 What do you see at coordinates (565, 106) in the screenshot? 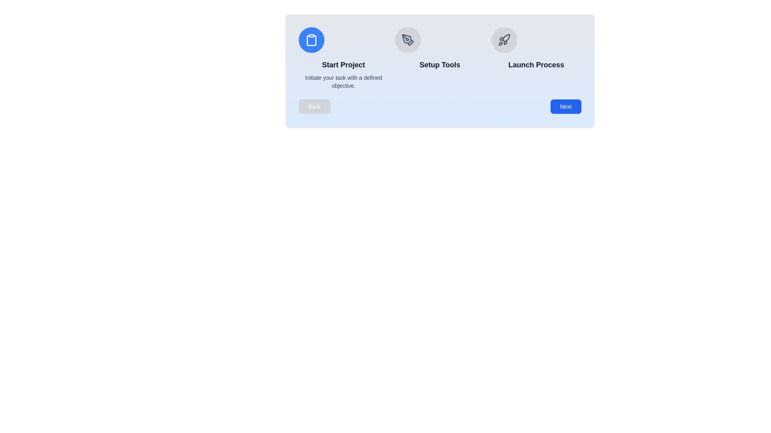
I see `the button Next to observe its hover effect` at bounding box center [565, 106].